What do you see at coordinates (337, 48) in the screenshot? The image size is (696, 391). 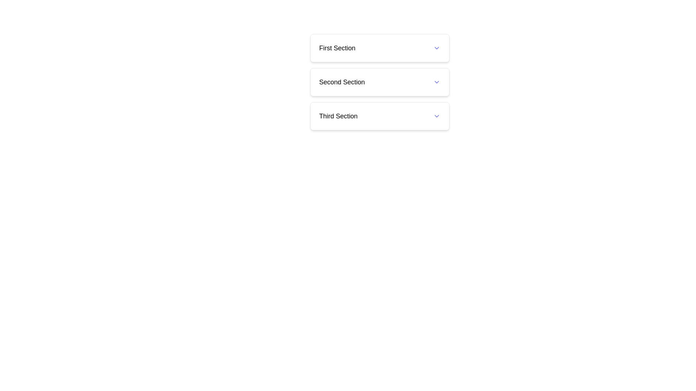 I see `displayed text of the 'First Section' label, which is a bold medium-sized text block located at the top of a vertical list` at bounding box center [337, 48].